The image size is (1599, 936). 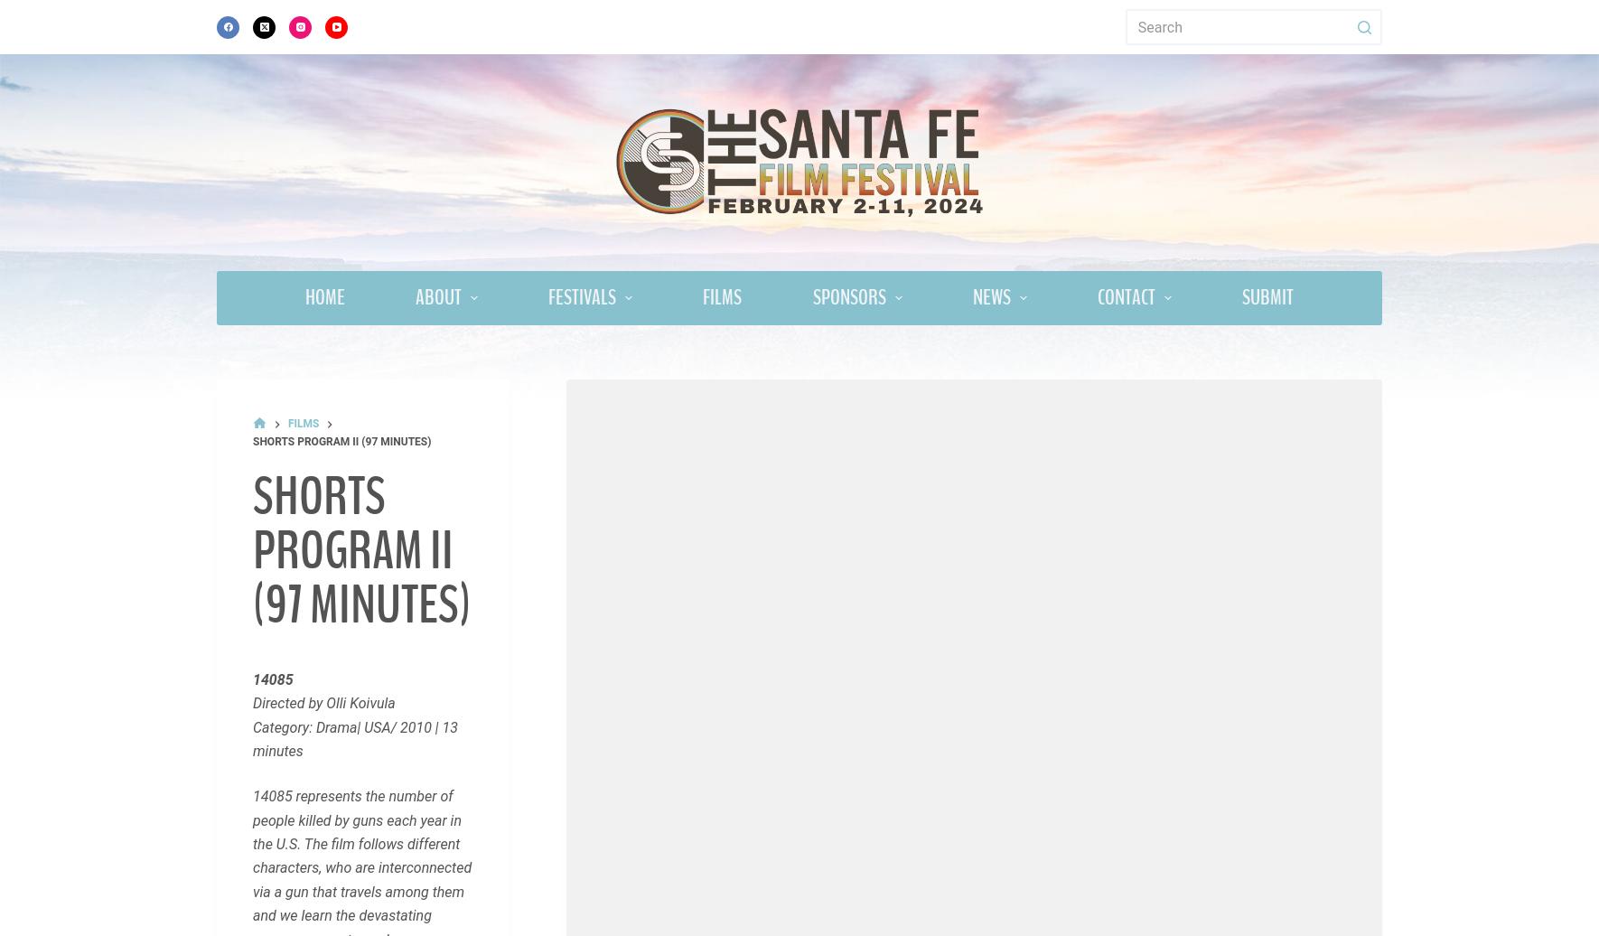 I want to click on 'In order to financially support his ill mother, doctor Ramon Moran has to moonlight in the most unlikely profession: Taxi Driver. One day, unexpected passengers test his ethics.', so click(x=360, y=162).